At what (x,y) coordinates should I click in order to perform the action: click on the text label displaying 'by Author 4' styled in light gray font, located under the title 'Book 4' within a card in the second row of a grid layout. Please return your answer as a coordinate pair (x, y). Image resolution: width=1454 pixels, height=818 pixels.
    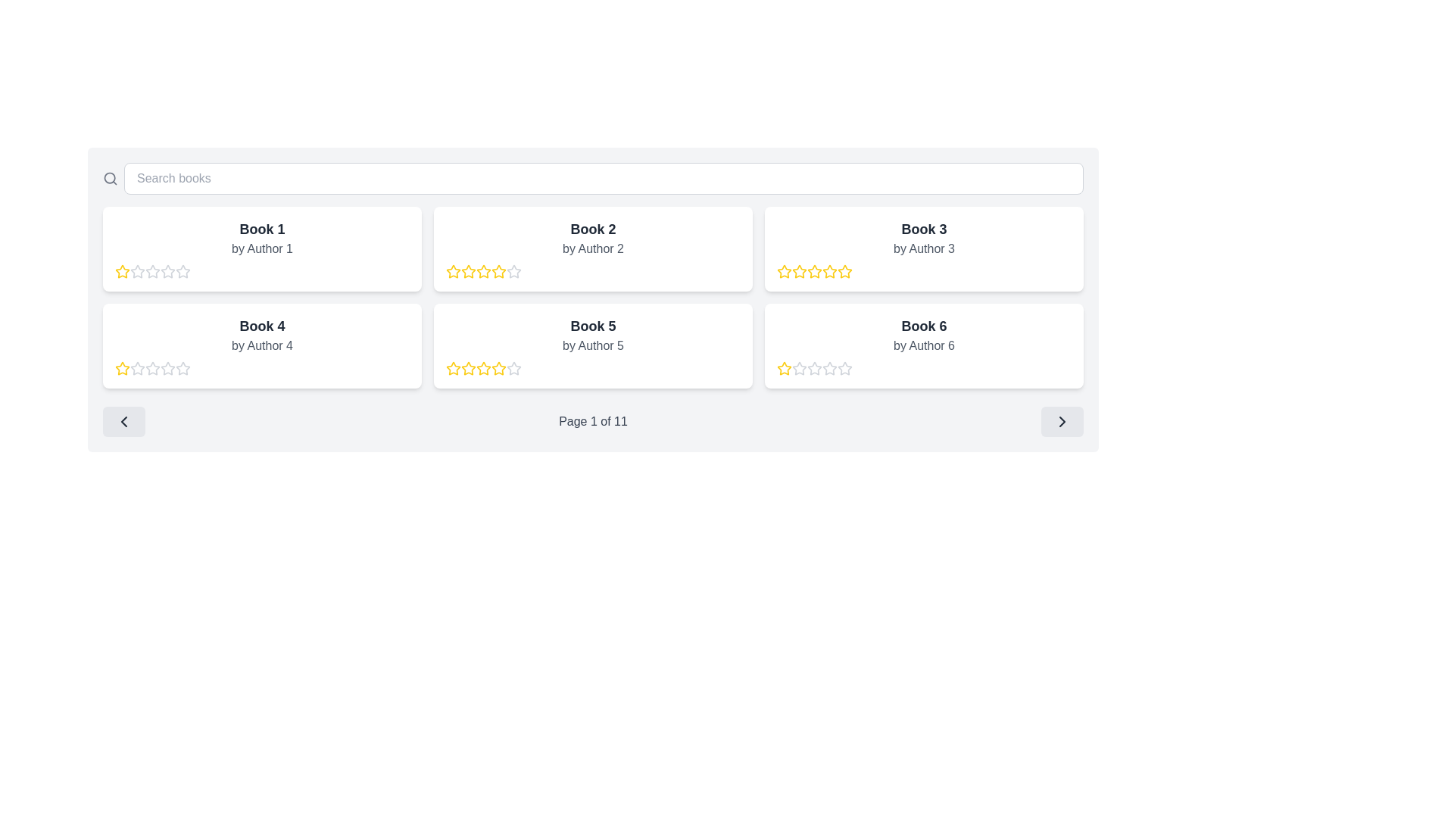
    Looking at the image, I should click on (262, 345).